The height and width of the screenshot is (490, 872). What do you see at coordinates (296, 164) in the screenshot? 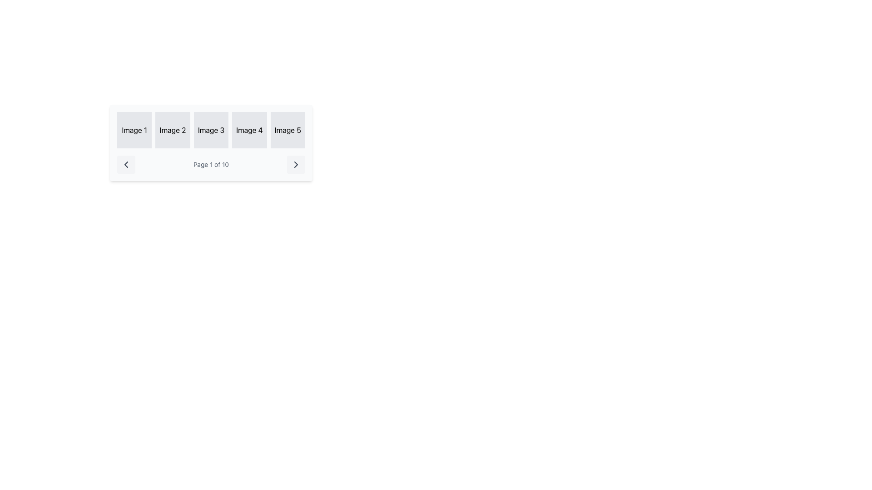
I see `the right-pointing chevron navigation icon located on the far-right side of the carousel navigation controls` at bounding box center [296, 164].